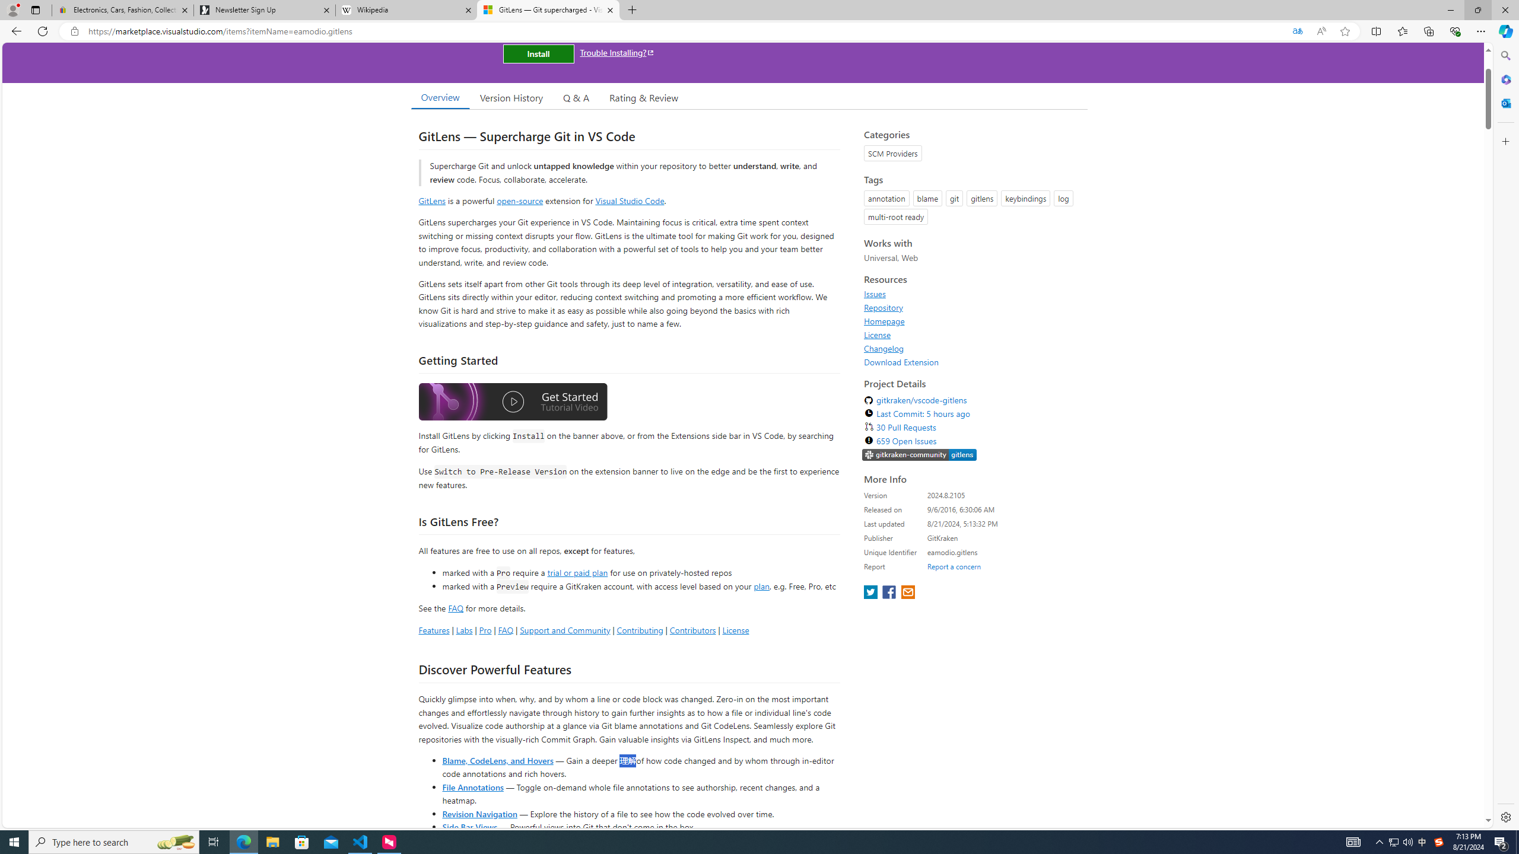 The image size is (1519, 854). What do you see at coordinates (538, 53) in the screenshot?
I see `'Install'` at bounding box center [538, 53].